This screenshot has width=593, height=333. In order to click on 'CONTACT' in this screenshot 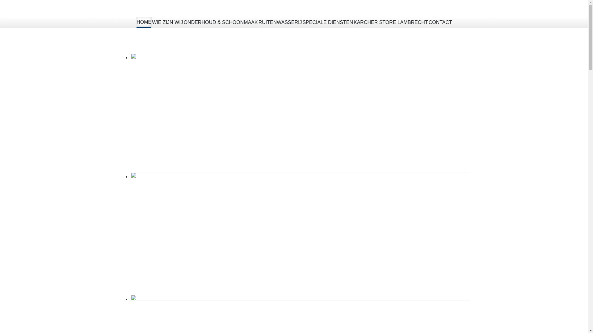, I will do `click(440, 22)`.